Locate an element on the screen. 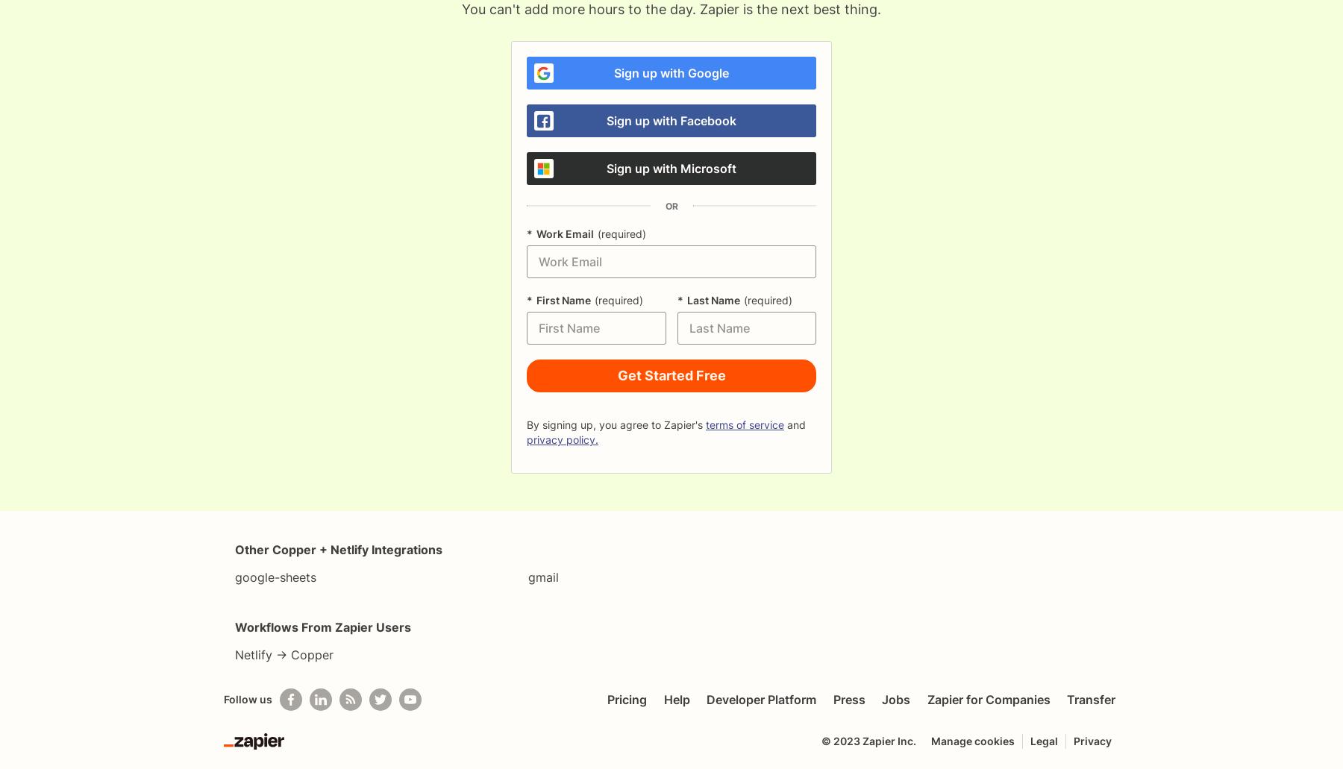 Image resolution: width=1343 pixels, height=769 pixels. 'Sign up with Facebook' is located at coordinates (671, 119).